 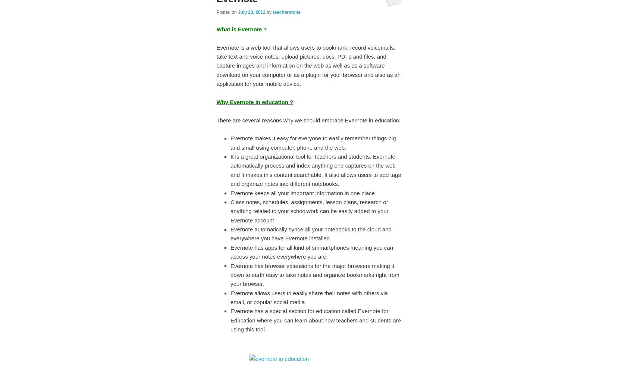 I want to click on 'Evernote makes it easy for everyone to easily remember things big and small using computer, phone and the web.', so click(x=313, y=142).